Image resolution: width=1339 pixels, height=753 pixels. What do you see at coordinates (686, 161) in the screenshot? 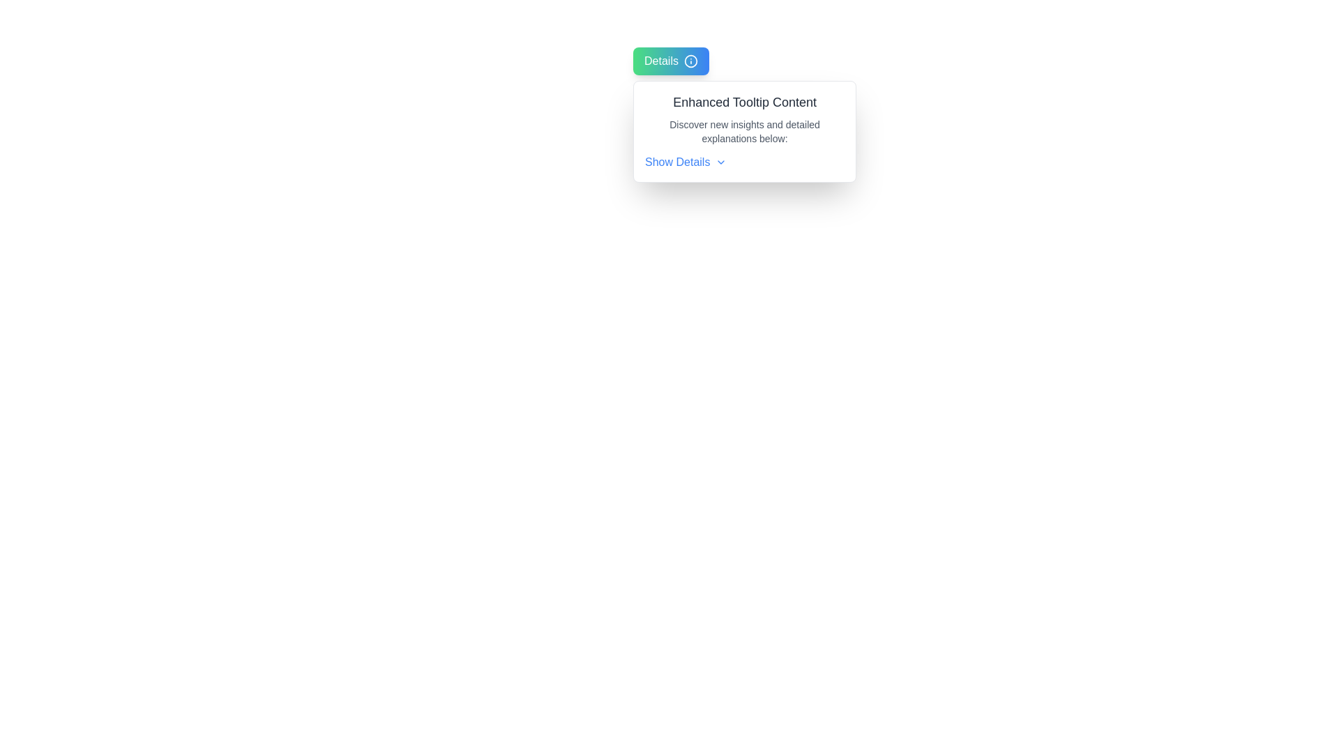
I see `the clickable text link located at the bottom of the tooltip box, beneath 'Enhanced Tooltip Content' and a description text` at bounding box center [686, 161].